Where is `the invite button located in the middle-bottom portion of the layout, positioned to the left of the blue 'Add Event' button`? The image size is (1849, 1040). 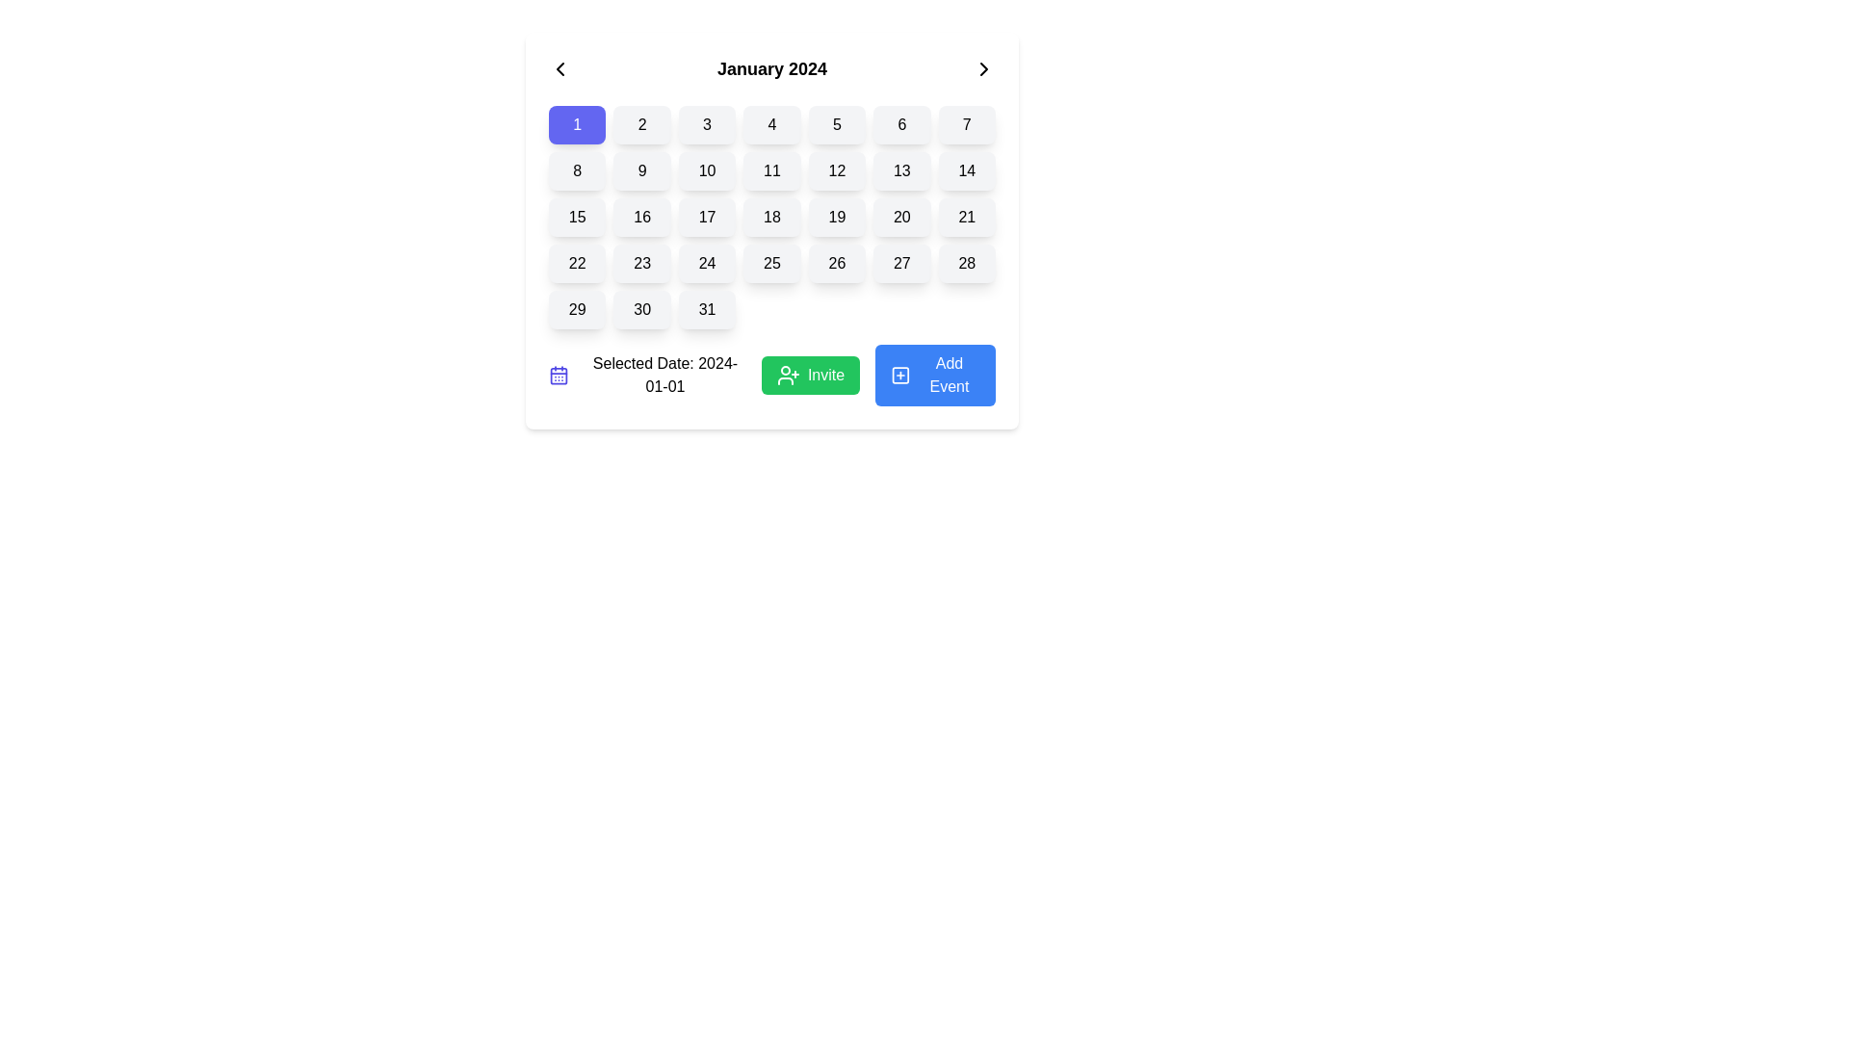 the invite button located in the middle-bottom portion of the layout, positioned to the left of the blue 'Add Event' button is located at coordinates (826, 375).